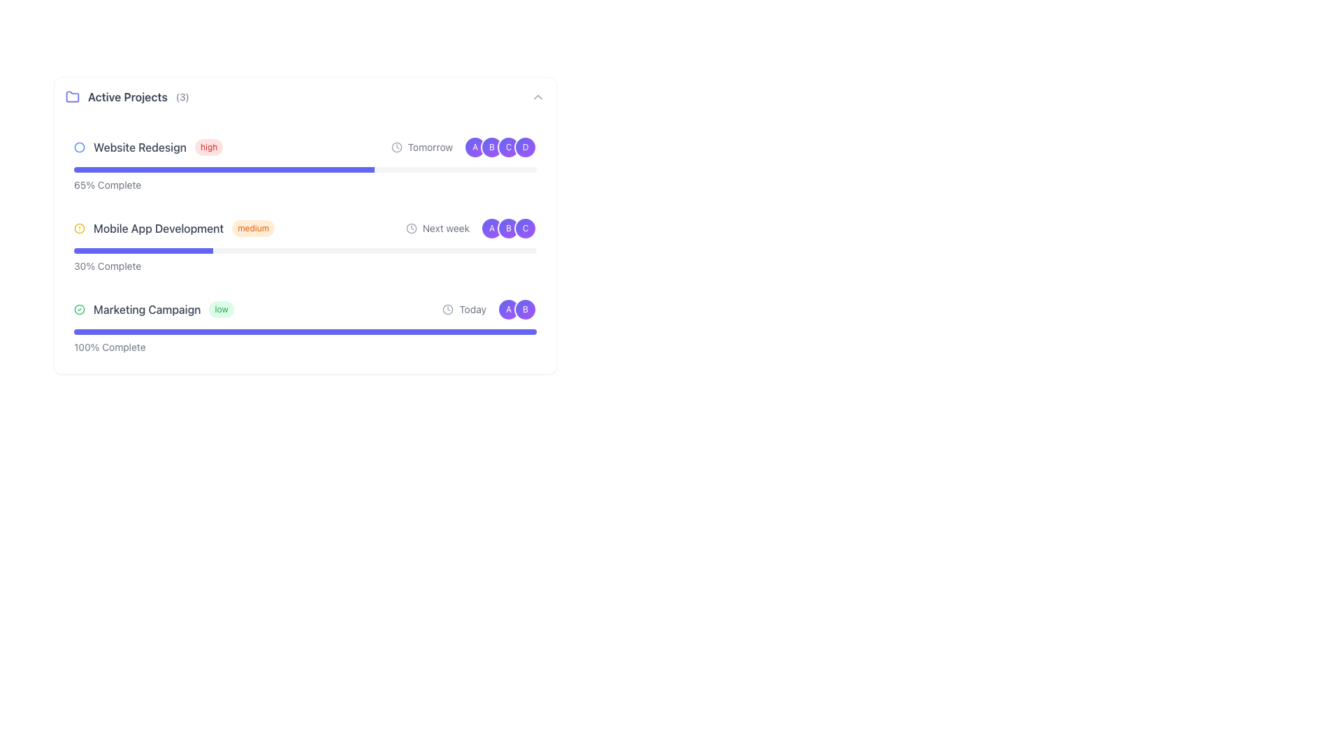  What do you see at coordinates (72, 96) in the screenshot?
I see `the folder icon with a purple outline located near the top-left corner of the application interface, next to the 'Active Projects' title` at bounding box center [72, 96].